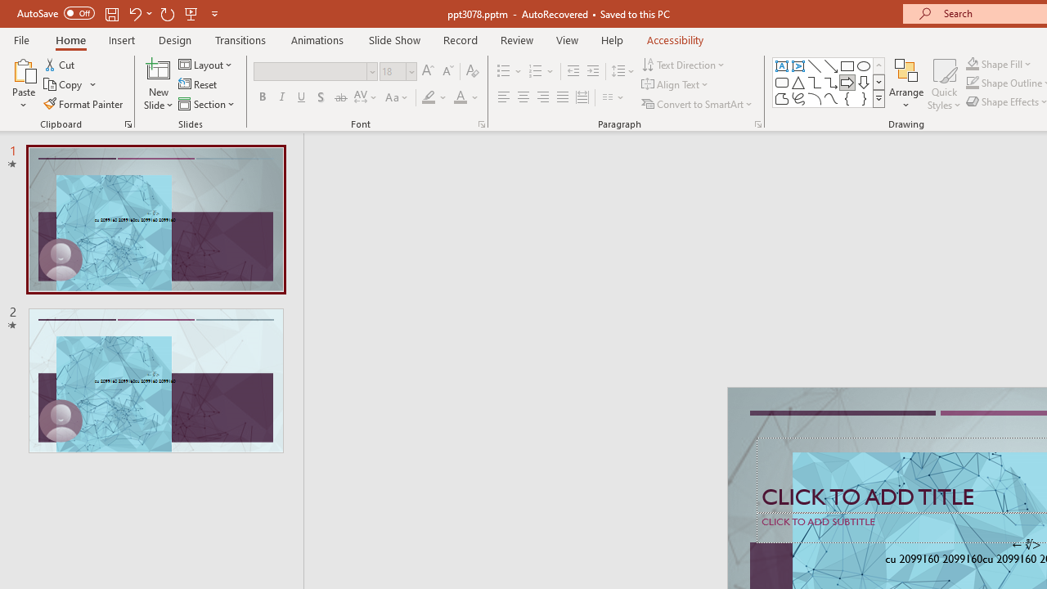 This screenshot has height=589, width=1047. Describe the element at coordinates (480, 123) in the screenshot. I see `'Font...'` at that location.